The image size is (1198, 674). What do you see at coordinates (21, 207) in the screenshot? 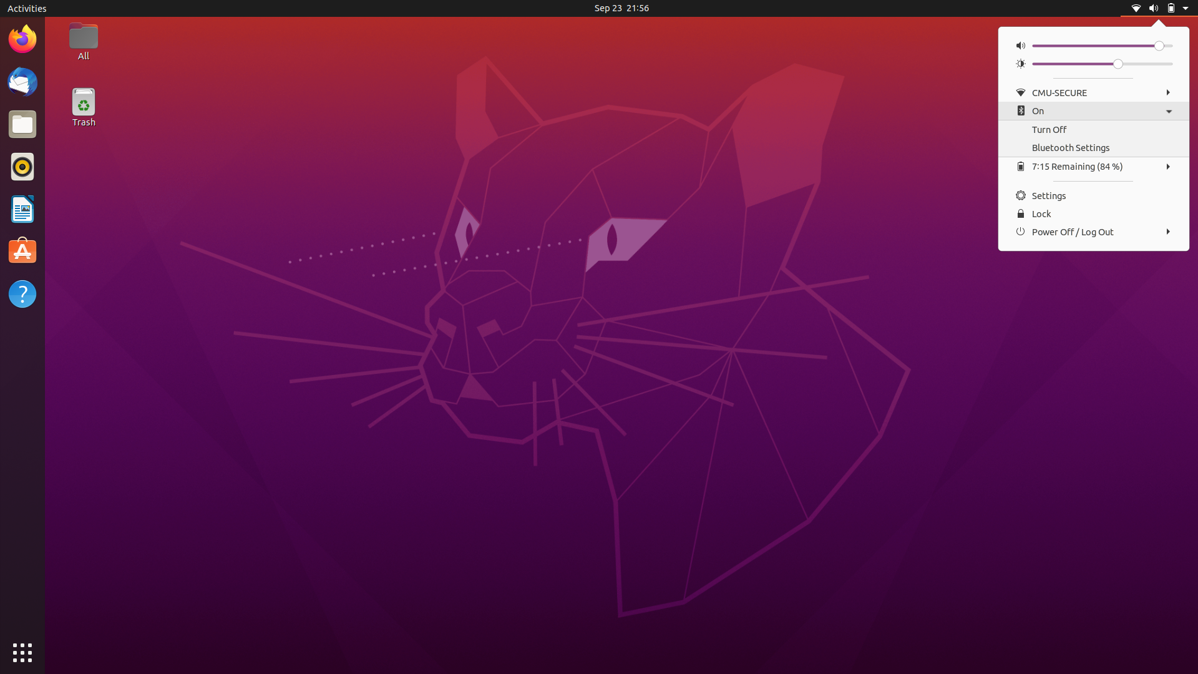
I see `App Store` at bounding box center [21, 207].